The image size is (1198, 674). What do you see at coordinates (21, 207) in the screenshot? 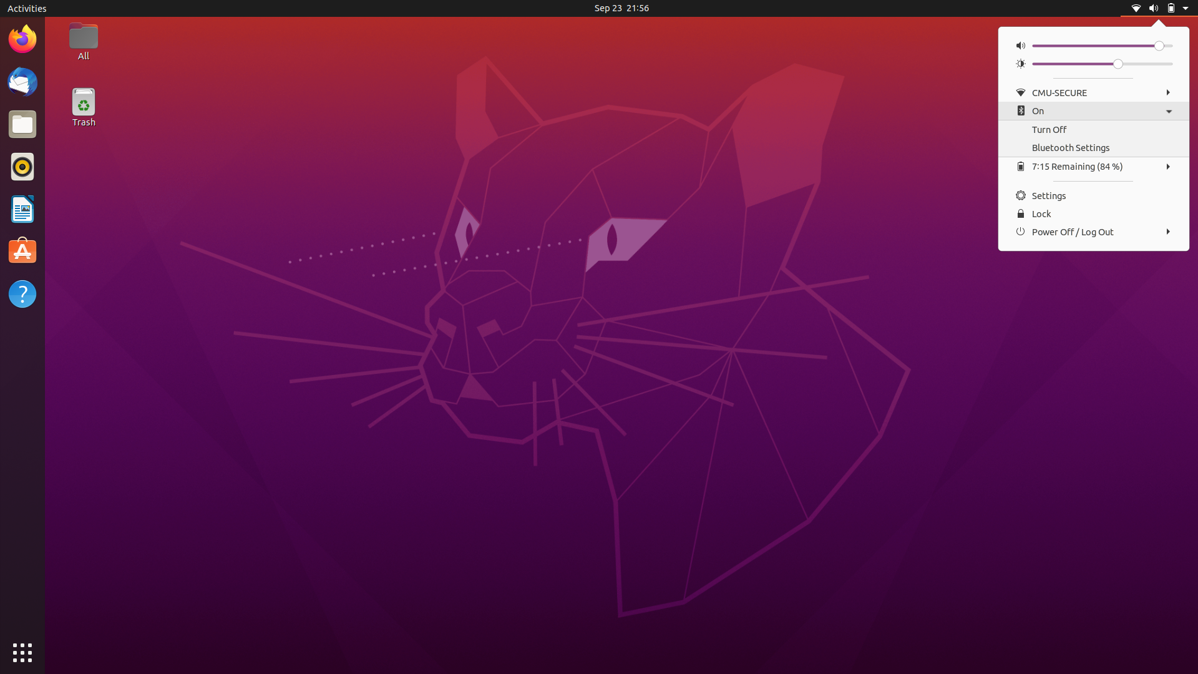
I see `App Store` at bounding box center [21, 207].